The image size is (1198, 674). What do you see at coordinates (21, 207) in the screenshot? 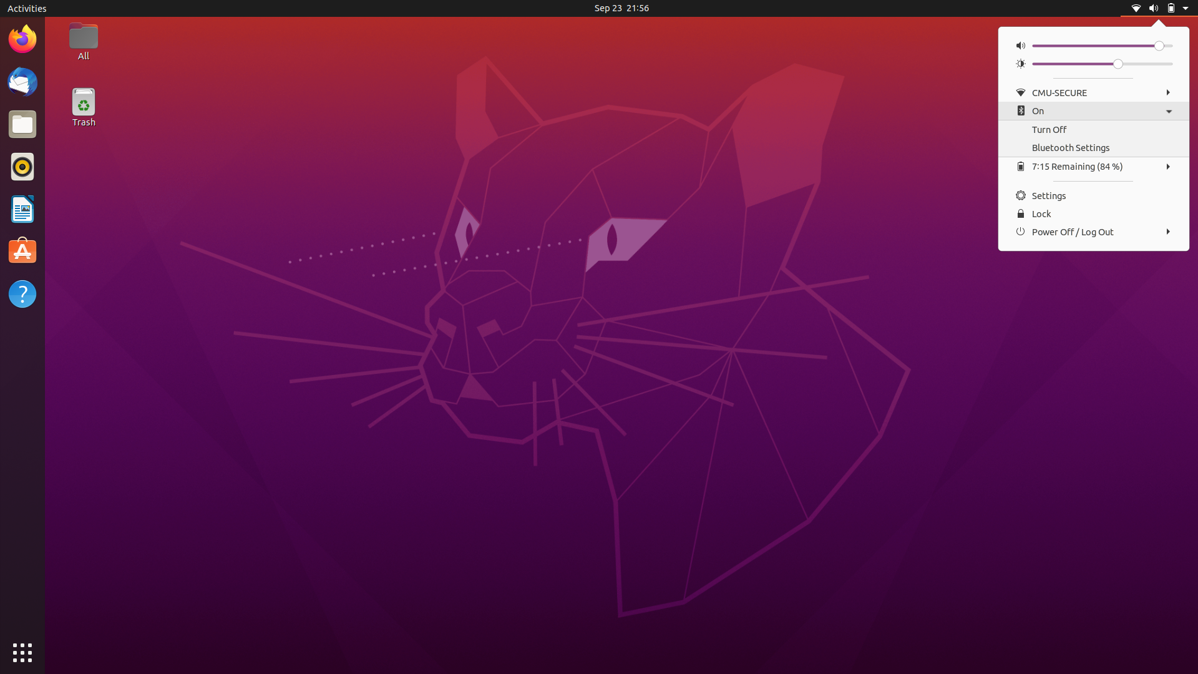
I see `App Store` at bounding box center [21, 207].